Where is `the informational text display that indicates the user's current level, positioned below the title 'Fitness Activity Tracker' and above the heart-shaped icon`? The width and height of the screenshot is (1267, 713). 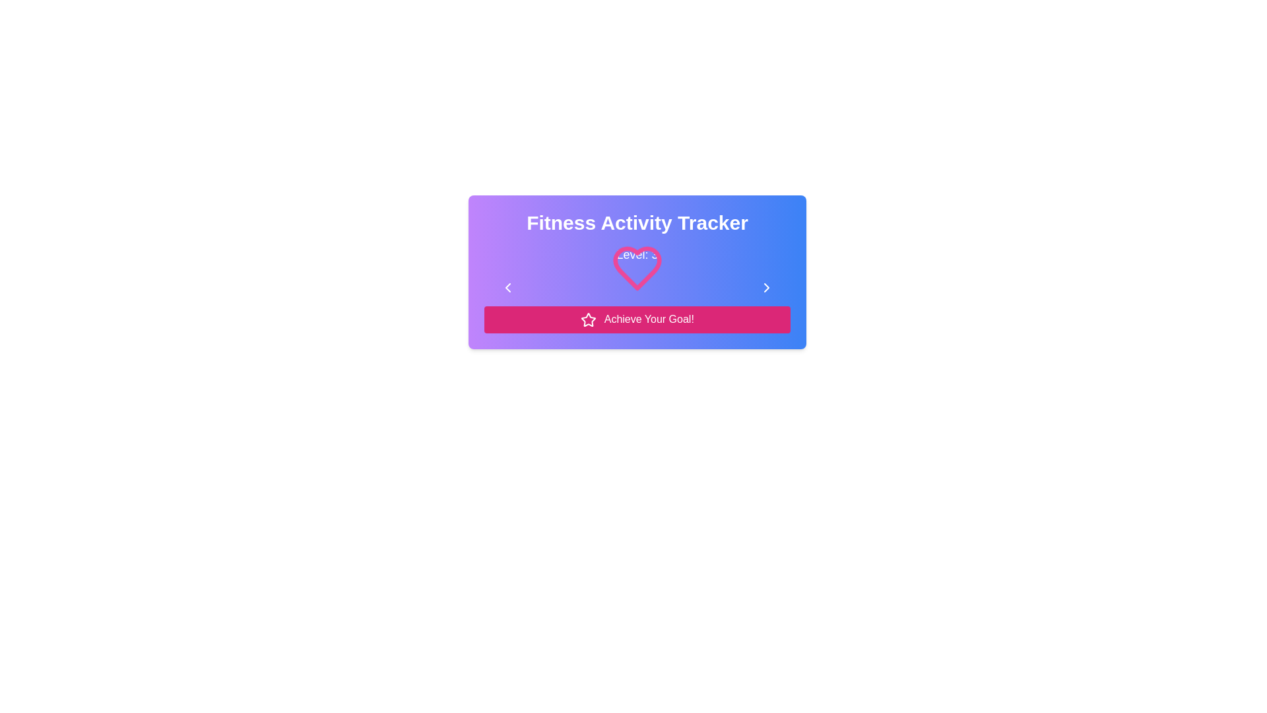 the informational text display that indicates the user's current level, positioned below the title 'Fitness Activity Tracker' and above the heart-shaped icon is located at coordinates (637, 254).